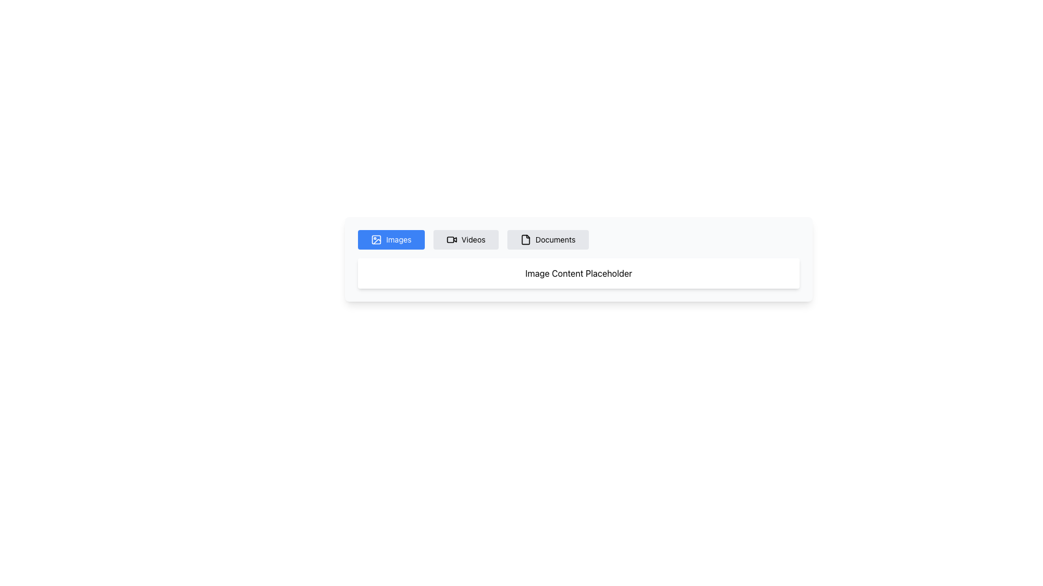  What do you see at coordinates (391, 239) in the screenshot?
I see `the 'Images' button, which is the first button in a row of three buttons labeled 'Images,' 'Videos,' and 'Documents,' located at the top-center of the UI` at bounding box center [391, 239].